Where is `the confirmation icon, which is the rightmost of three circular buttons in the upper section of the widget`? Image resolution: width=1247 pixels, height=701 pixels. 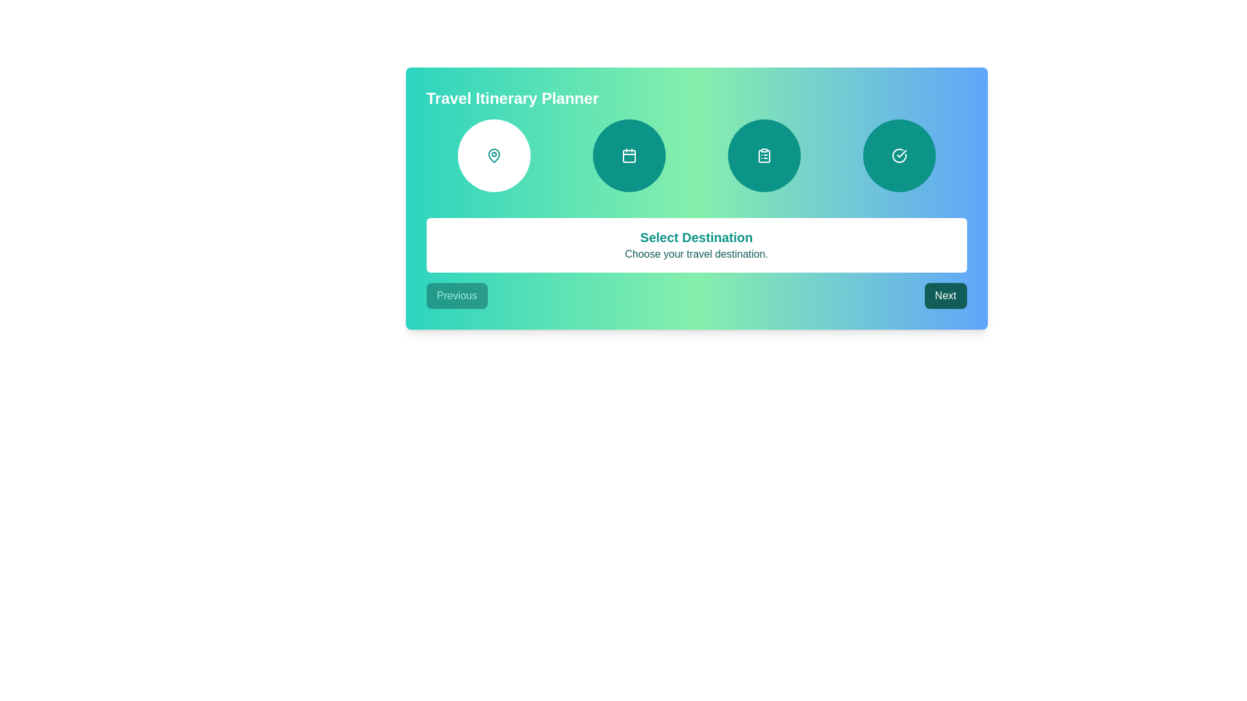 the confirmation icon, which is the rightmost of three circular buttons in the upper section of the widget is located at coordinates (898, 154).